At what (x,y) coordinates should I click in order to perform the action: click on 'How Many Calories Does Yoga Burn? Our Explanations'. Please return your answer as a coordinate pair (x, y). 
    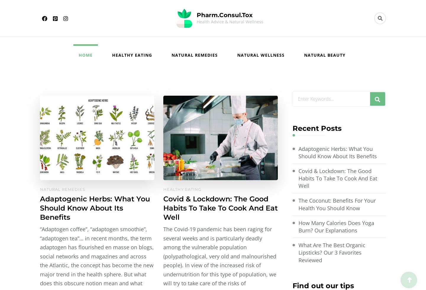
    Looking at the image, I should click on (336, 227).